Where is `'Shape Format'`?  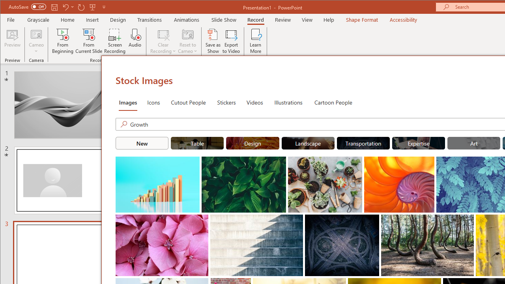 'Shape Format' is located at coordinates (361, 19).